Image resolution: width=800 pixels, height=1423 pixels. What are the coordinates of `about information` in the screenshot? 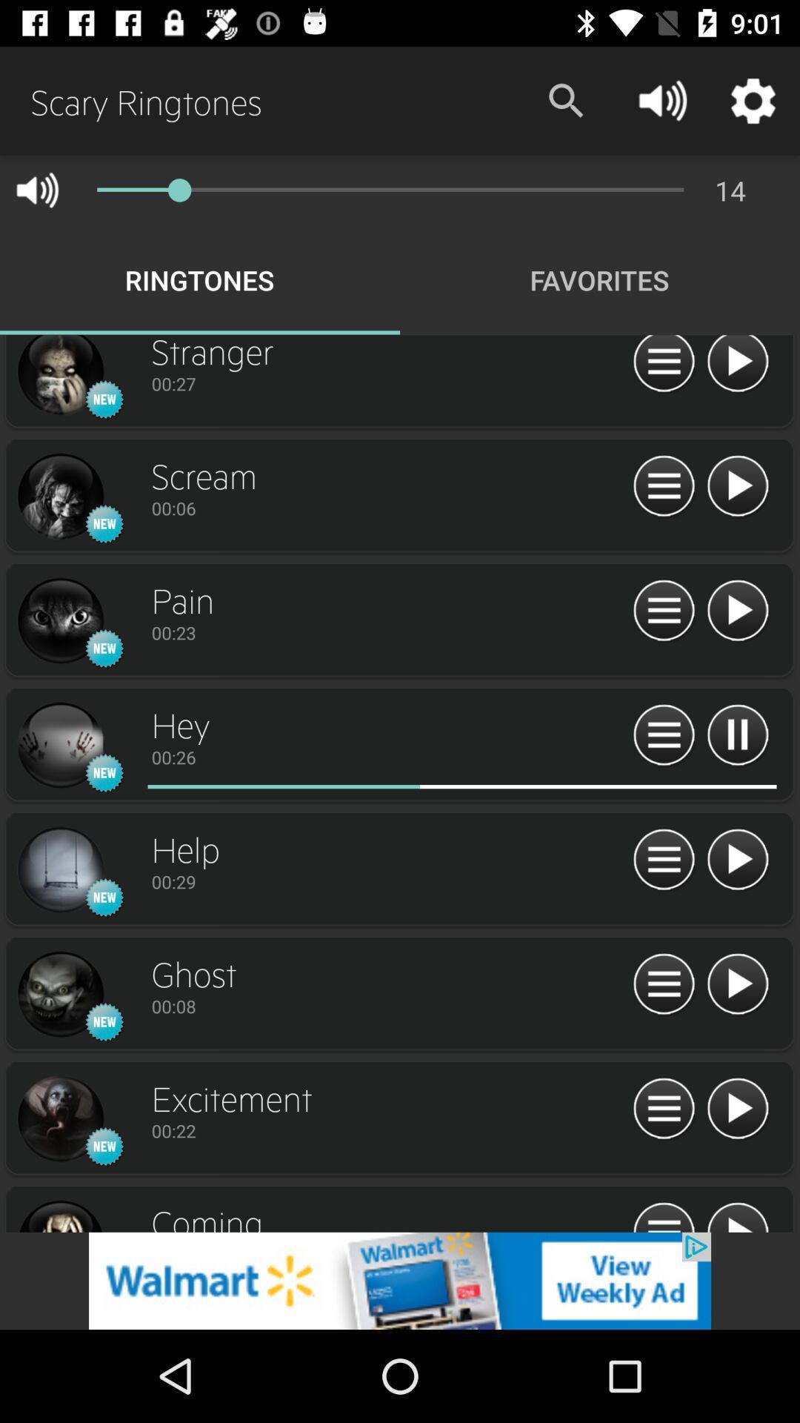 It's located at (663, 985).